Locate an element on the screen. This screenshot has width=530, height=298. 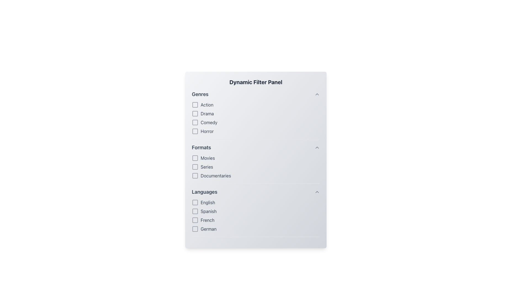
the upward-pointing chevron icon located to the right of the 'Genres' section title for visual feedback is located at coordinates (317, 94).